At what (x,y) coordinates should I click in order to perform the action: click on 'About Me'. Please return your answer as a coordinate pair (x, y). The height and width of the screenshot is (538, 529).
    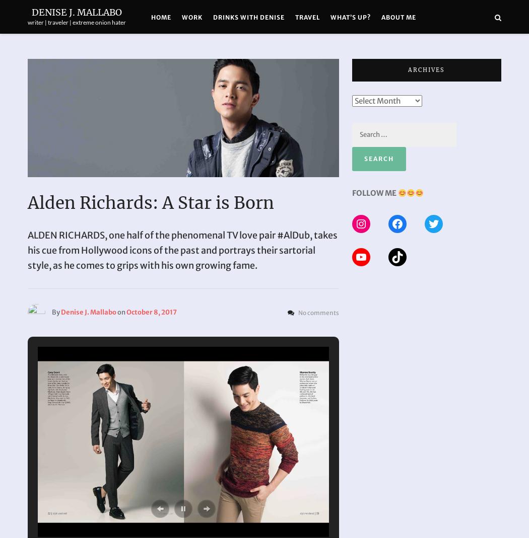
    Looking at the image, I should click on (398, 17).